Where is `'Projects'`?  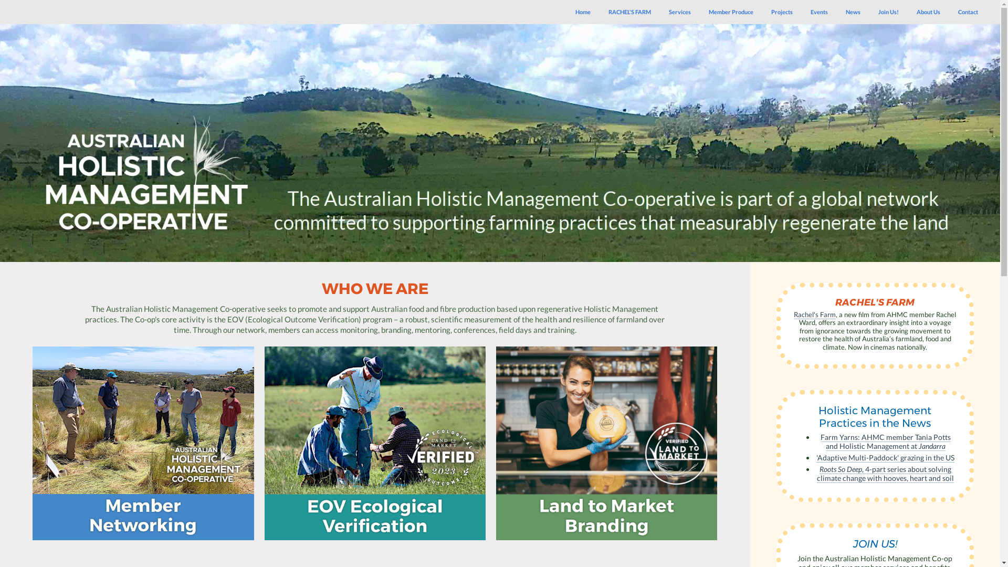
'Projects' is located at coordinates (782, 12).